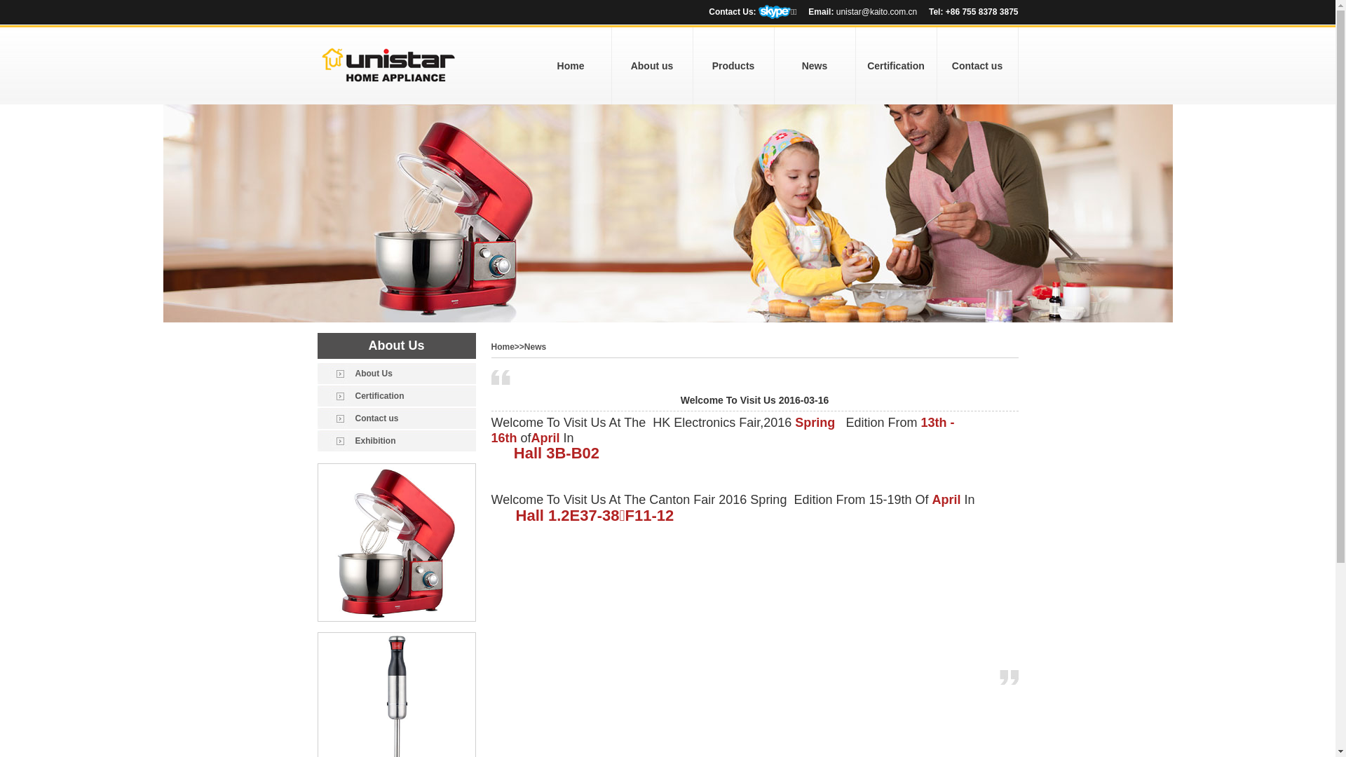 The image size is (1346, 757). What do you see at coordinates (395, 439) in the screenshot?
I see `'Exhibition'` at bounding box center [395, 439].